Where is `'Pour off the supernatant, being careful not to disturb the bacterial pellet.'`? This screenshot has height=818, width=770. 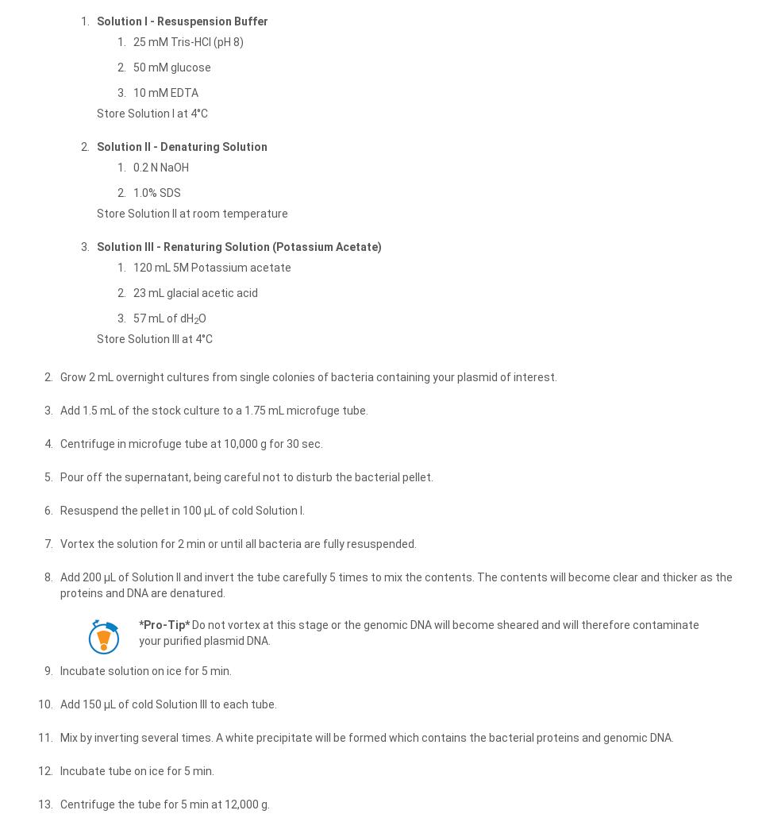
'Pour off the supernatant, being careful not to disturb the bacterial pellet.' is located at coordinates (246, 476).